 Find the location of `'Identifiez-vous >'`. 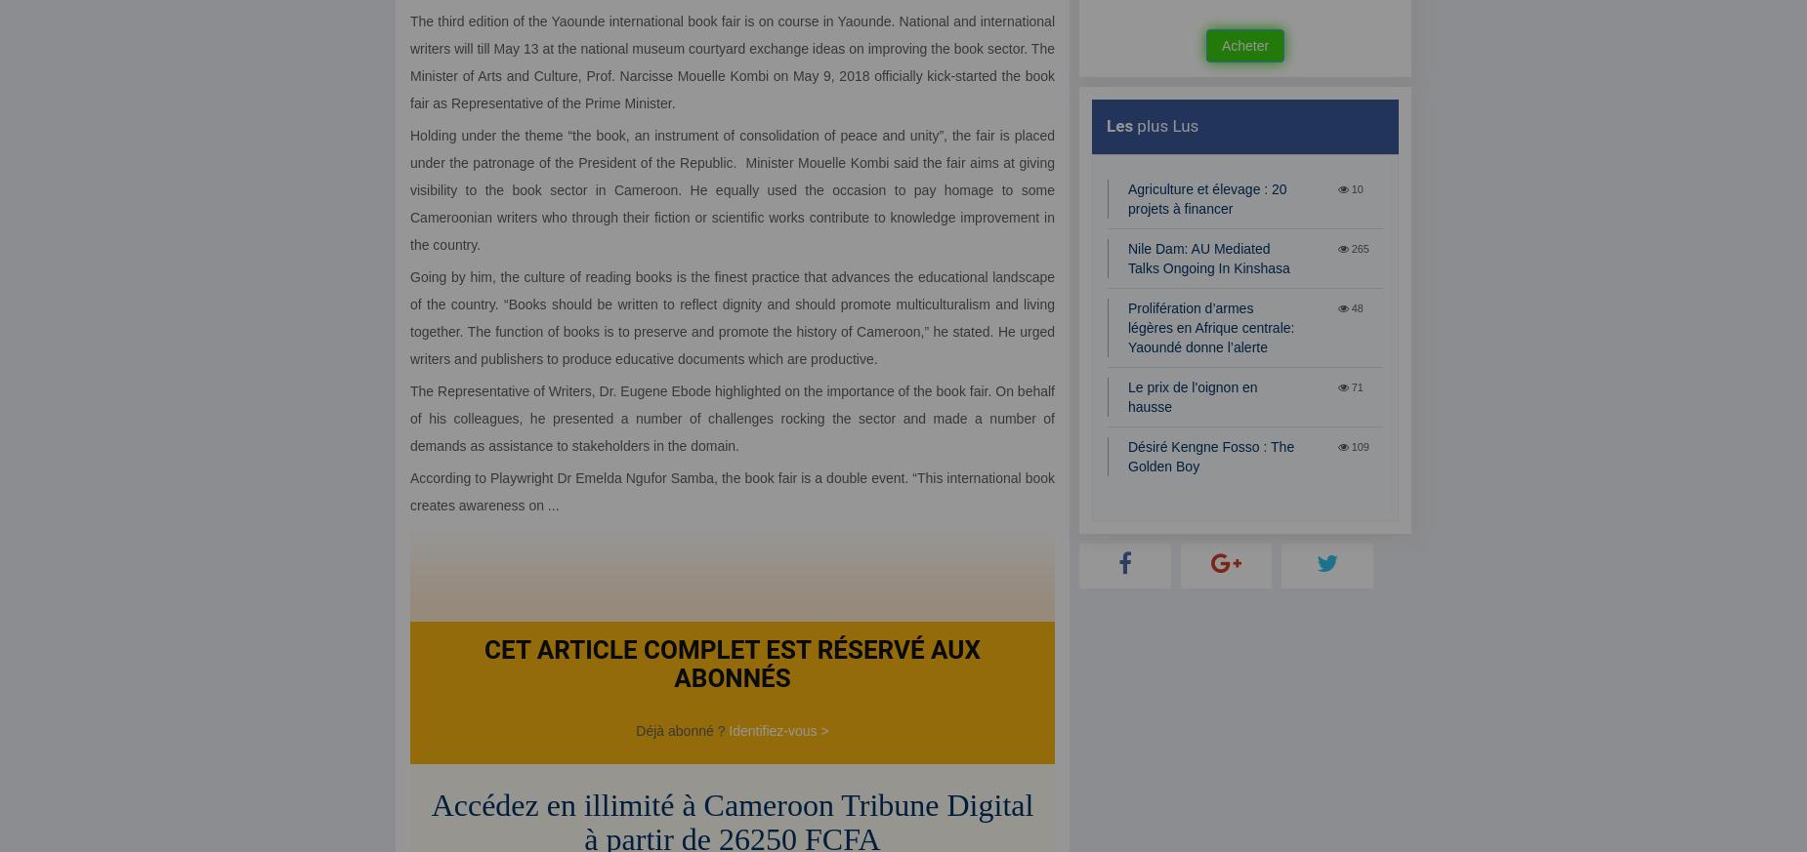

'Identifiez-vous >' is located at coordinates (777, 728).